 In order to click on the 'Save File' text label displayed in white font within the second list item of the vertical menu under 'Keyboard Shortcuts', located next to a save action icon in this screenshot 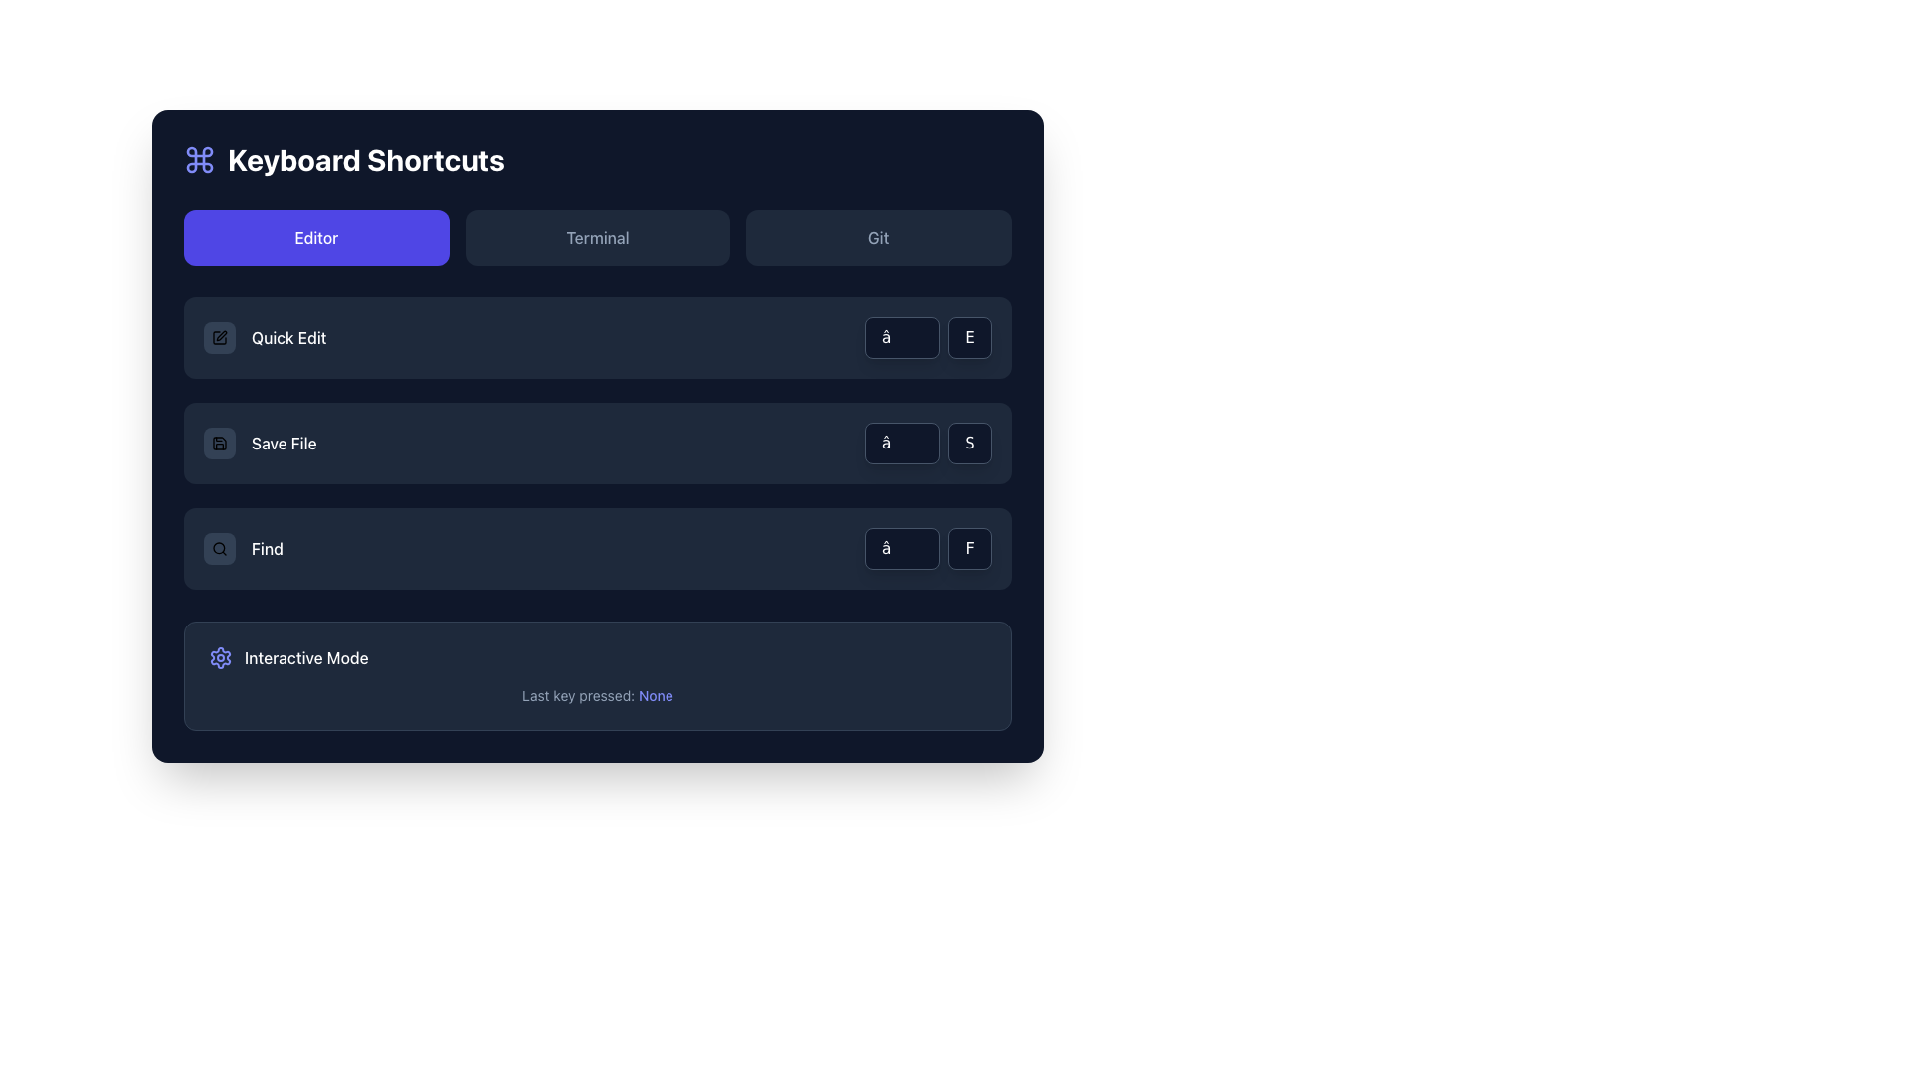, I will do `click(283, 443)`.